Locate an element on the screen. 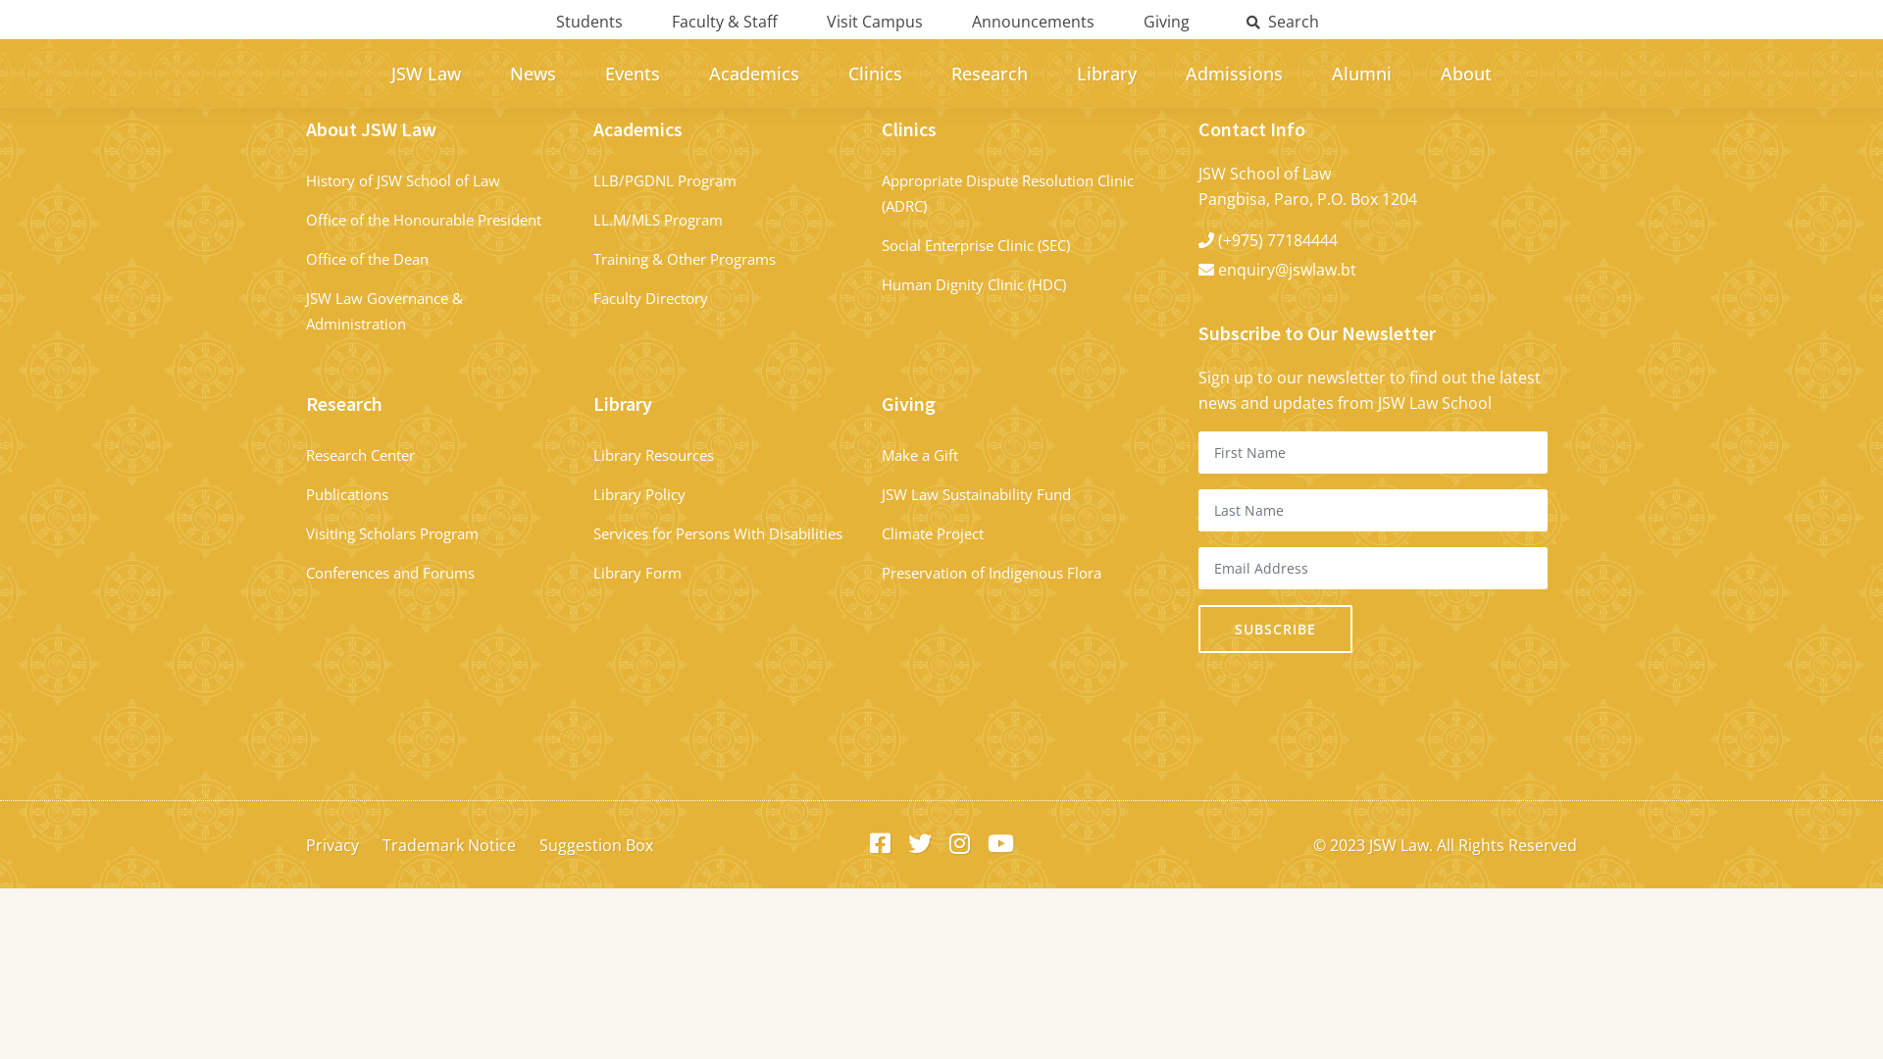  'Office of the Dean' is located at coordinates (367, 257).